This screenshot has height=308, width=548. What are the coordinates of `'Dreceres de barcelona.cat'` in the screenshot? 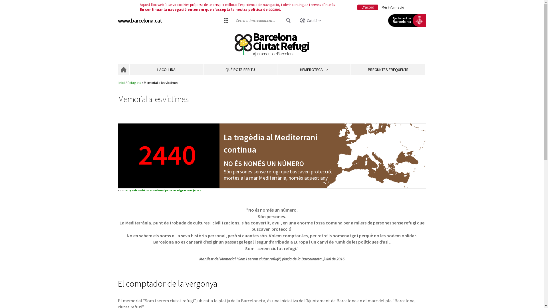 It's located at (226, 20).